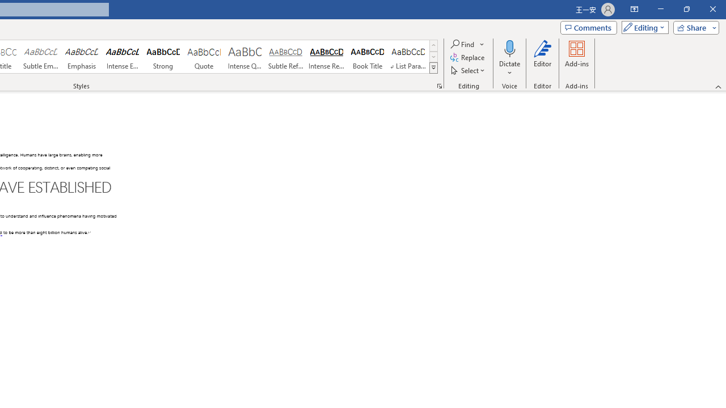 The height and width of the screenshot is (408, 726). Describe the element at coordinates (433, 57) in the screenshot. I see `'Row Down'` at that location.